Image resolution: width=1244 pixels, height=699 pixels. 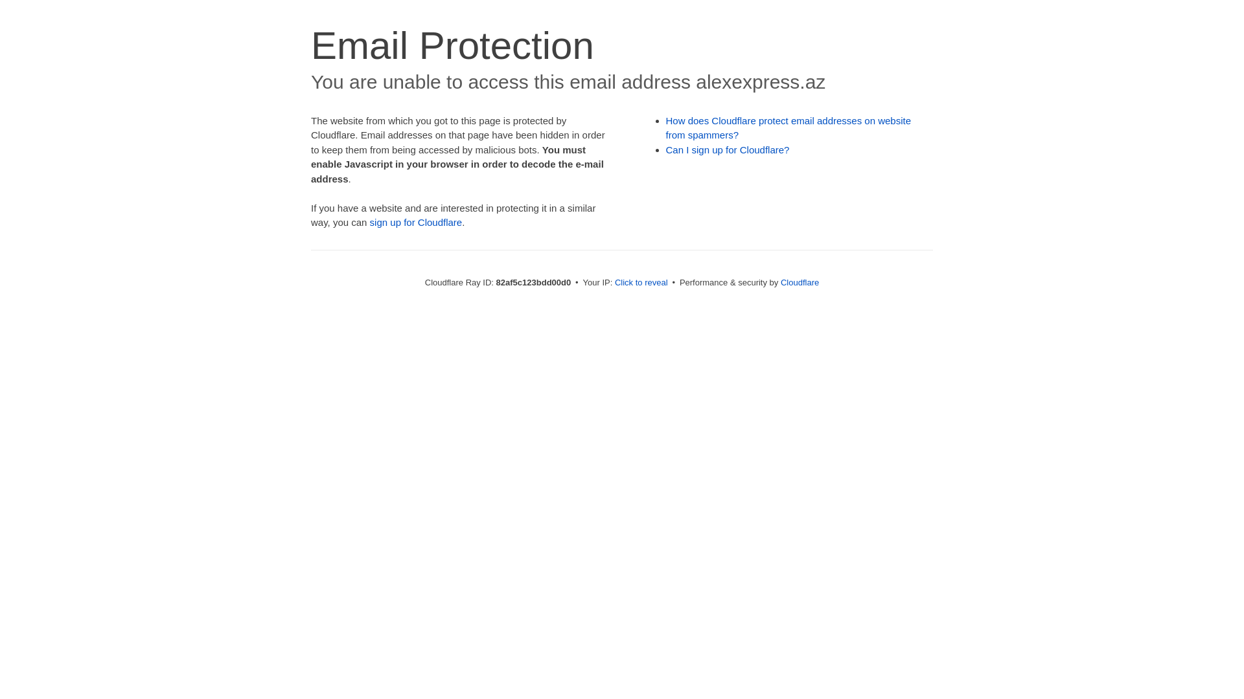 What do you see at coordinates (779, 282) in the screenshot?
I see `'Cloudflare'` at bounding box center [779, 282].